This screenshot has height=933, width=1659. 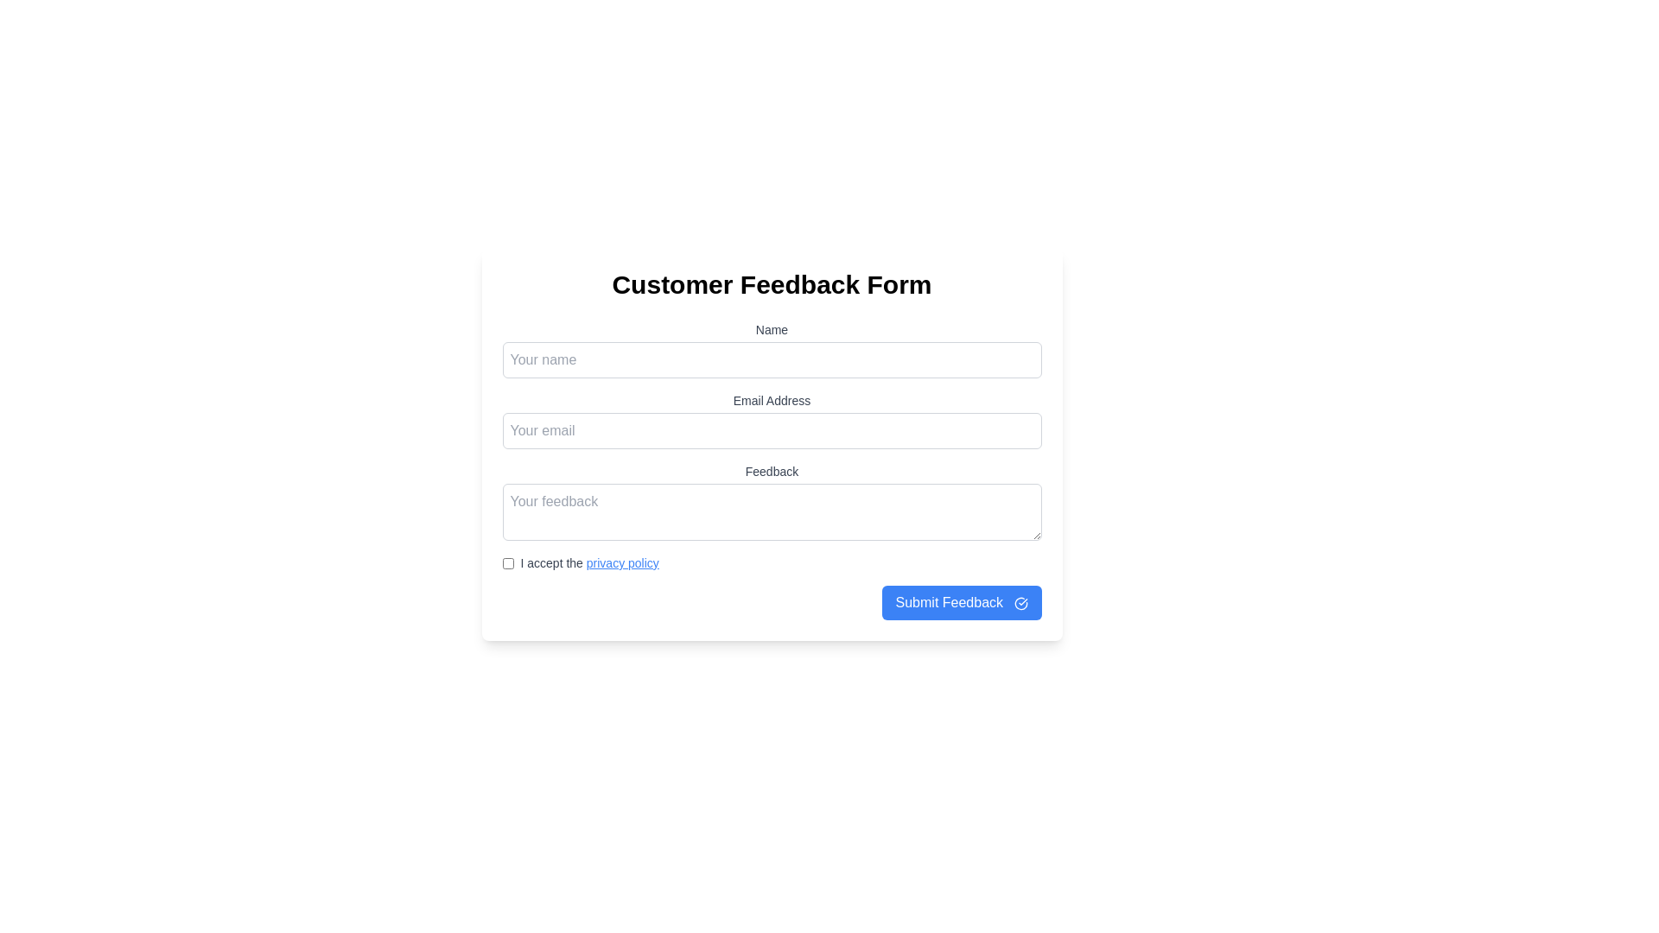 I want to click on the submit button located at the bottom-right corner of the feedback form to trigger visual changes, so click(x=961, y=602).